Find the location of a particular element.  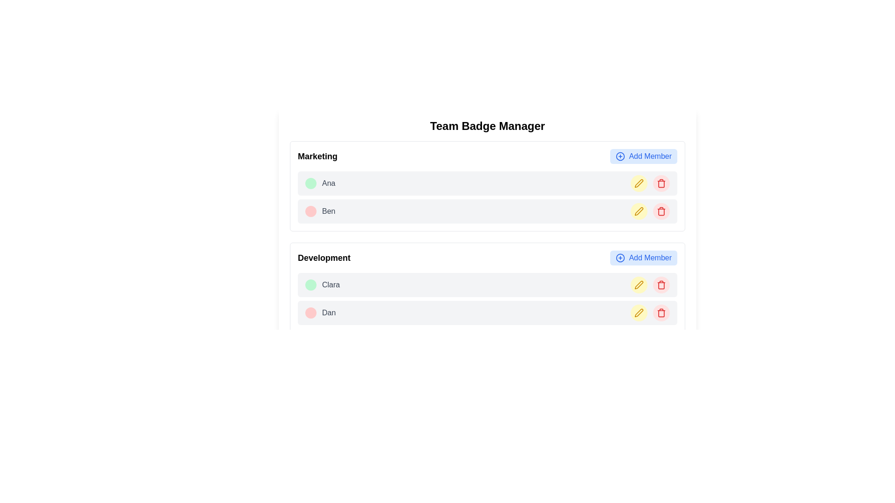

the delete button located in the second row under the 'Marketing' group, which is the third interactive element to the right of the yellow circular edit button is located at coordinates (661, 211).